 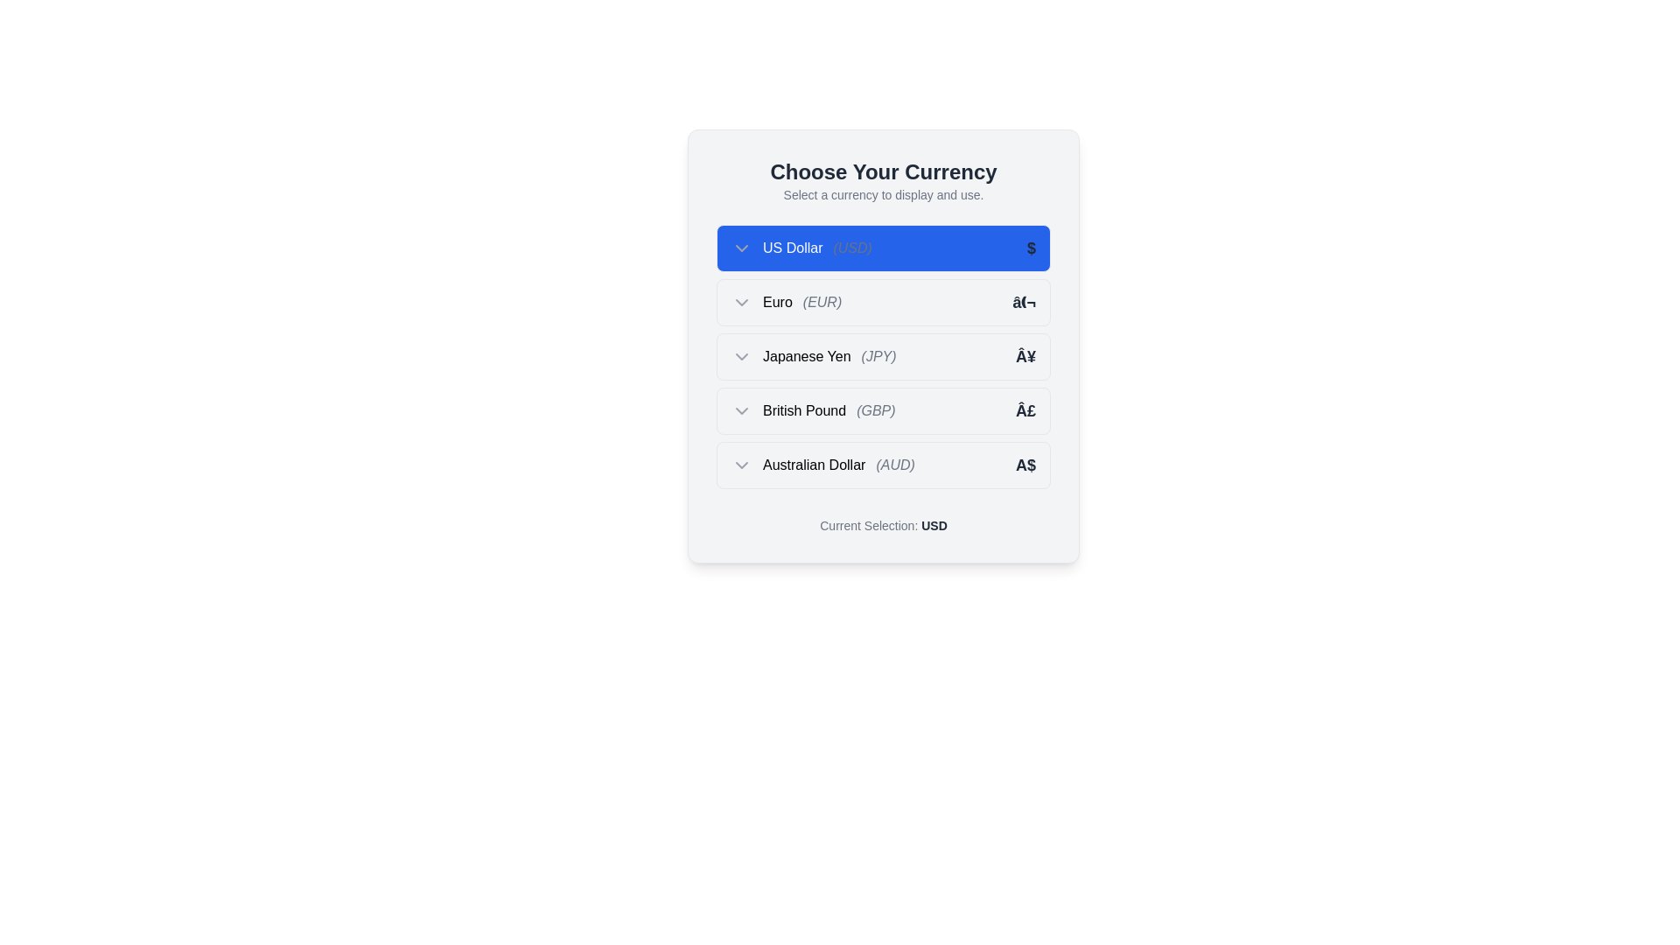 I want to click on the selectable list item element displaying 'Euro (EUR)' with the currency symbol '€' in a dropdown interface, positioned between 'US Dollar (USD)' and 'Japanese Yen (JPY), so click(x=883, y=302).